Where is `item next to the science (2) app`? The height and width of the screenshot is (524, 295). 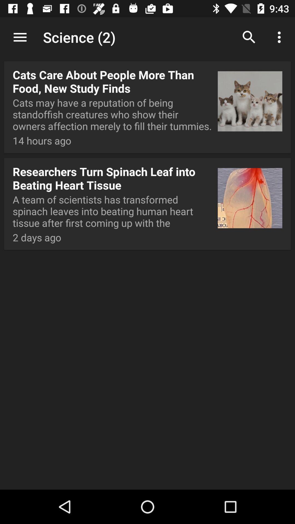 item next to the science (2) app is located at coordinates (20, 37).